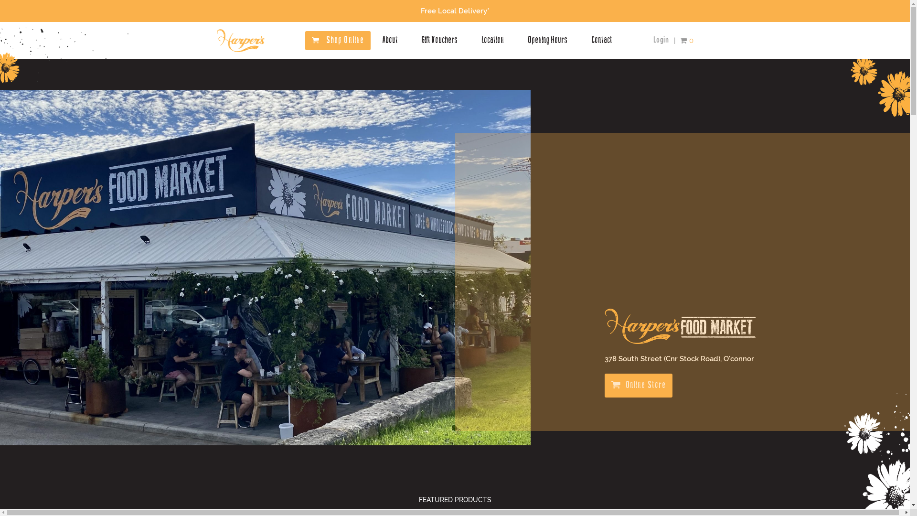 Image resolution: width=917 pixels, height=516 pixels. I want to click on 'Gift Vouchers', so click(439, 40).